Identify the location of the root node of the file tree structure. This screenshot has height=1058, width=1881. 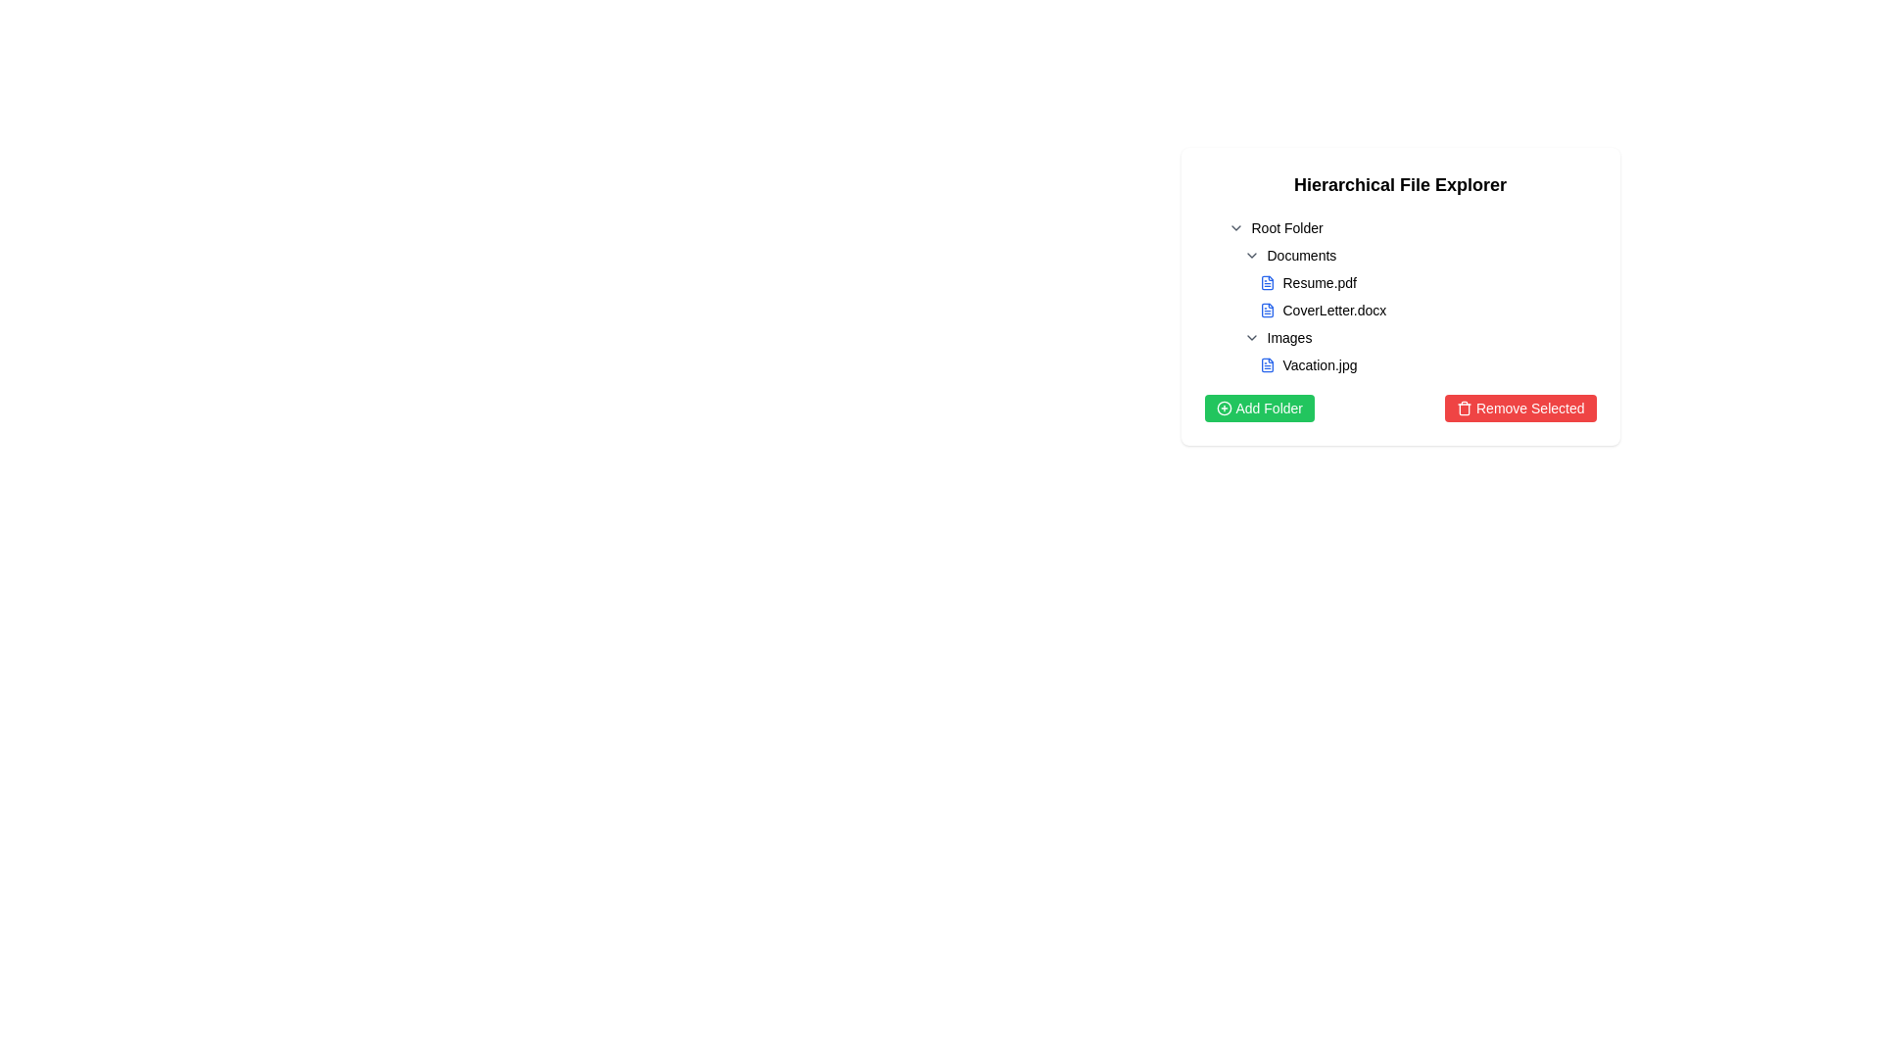
(1407, 226).